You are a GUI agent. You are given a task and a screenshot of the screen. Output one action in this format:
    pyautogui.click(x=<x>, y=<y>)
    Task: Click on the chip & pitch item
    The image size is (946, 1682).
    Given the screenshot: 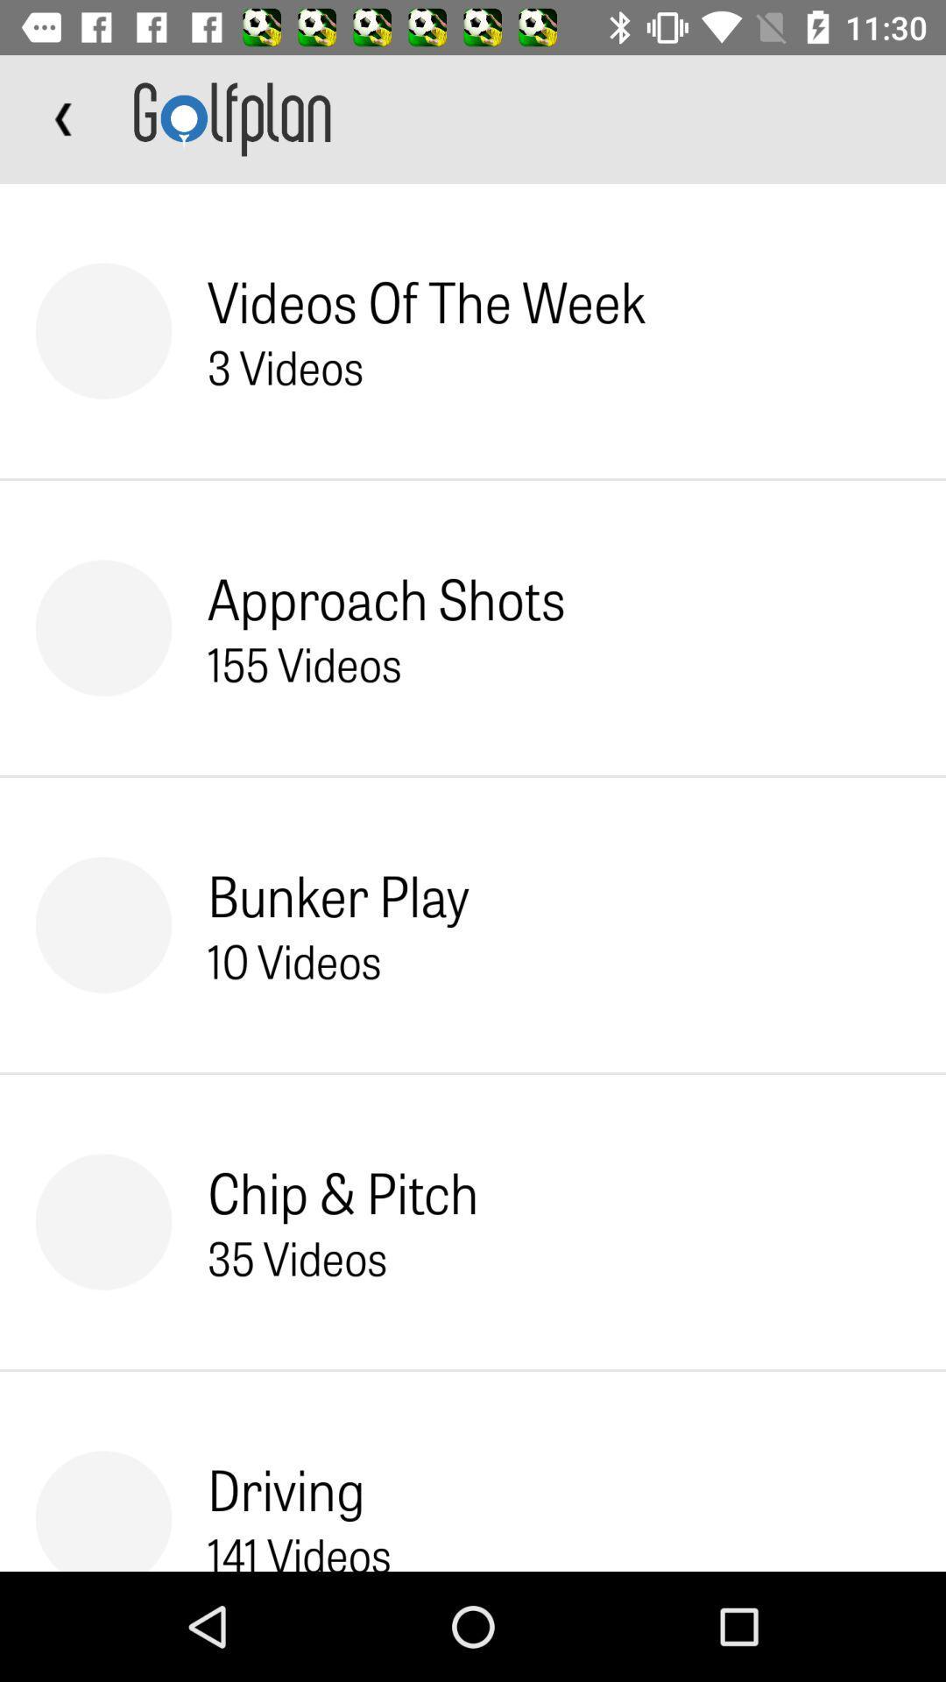 What is the action you would take?
    pyautogui.click(x=342, y=1191)
    